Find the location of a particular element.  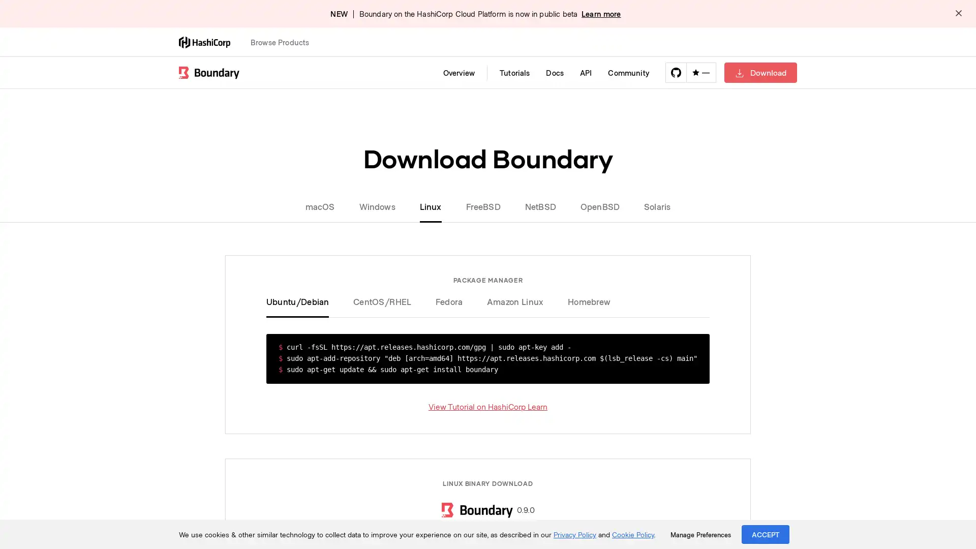

ACCEPT is located at coordinates (766, 534).